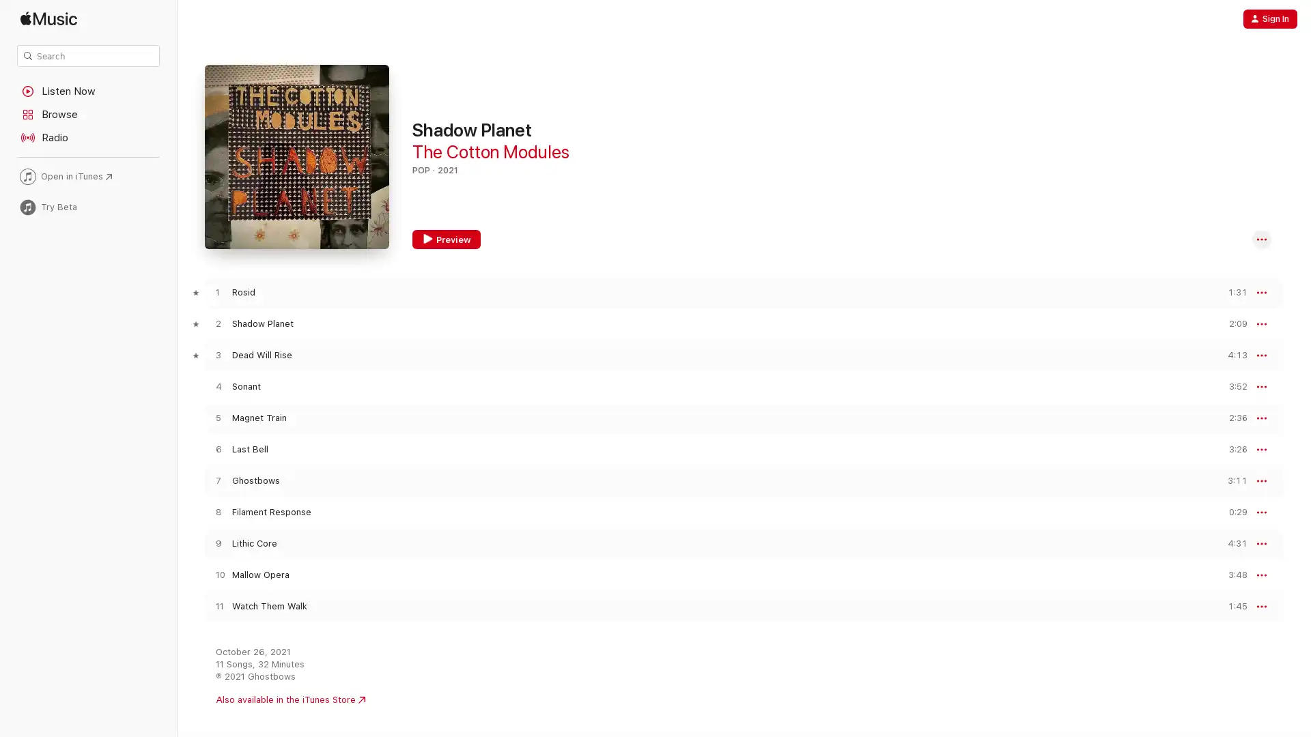 The width and height of the screenshot is (1311, 737). What do you see at coordinates (217, 449) in the screenshot?
I see `Play` at bounding box center [217, 449].